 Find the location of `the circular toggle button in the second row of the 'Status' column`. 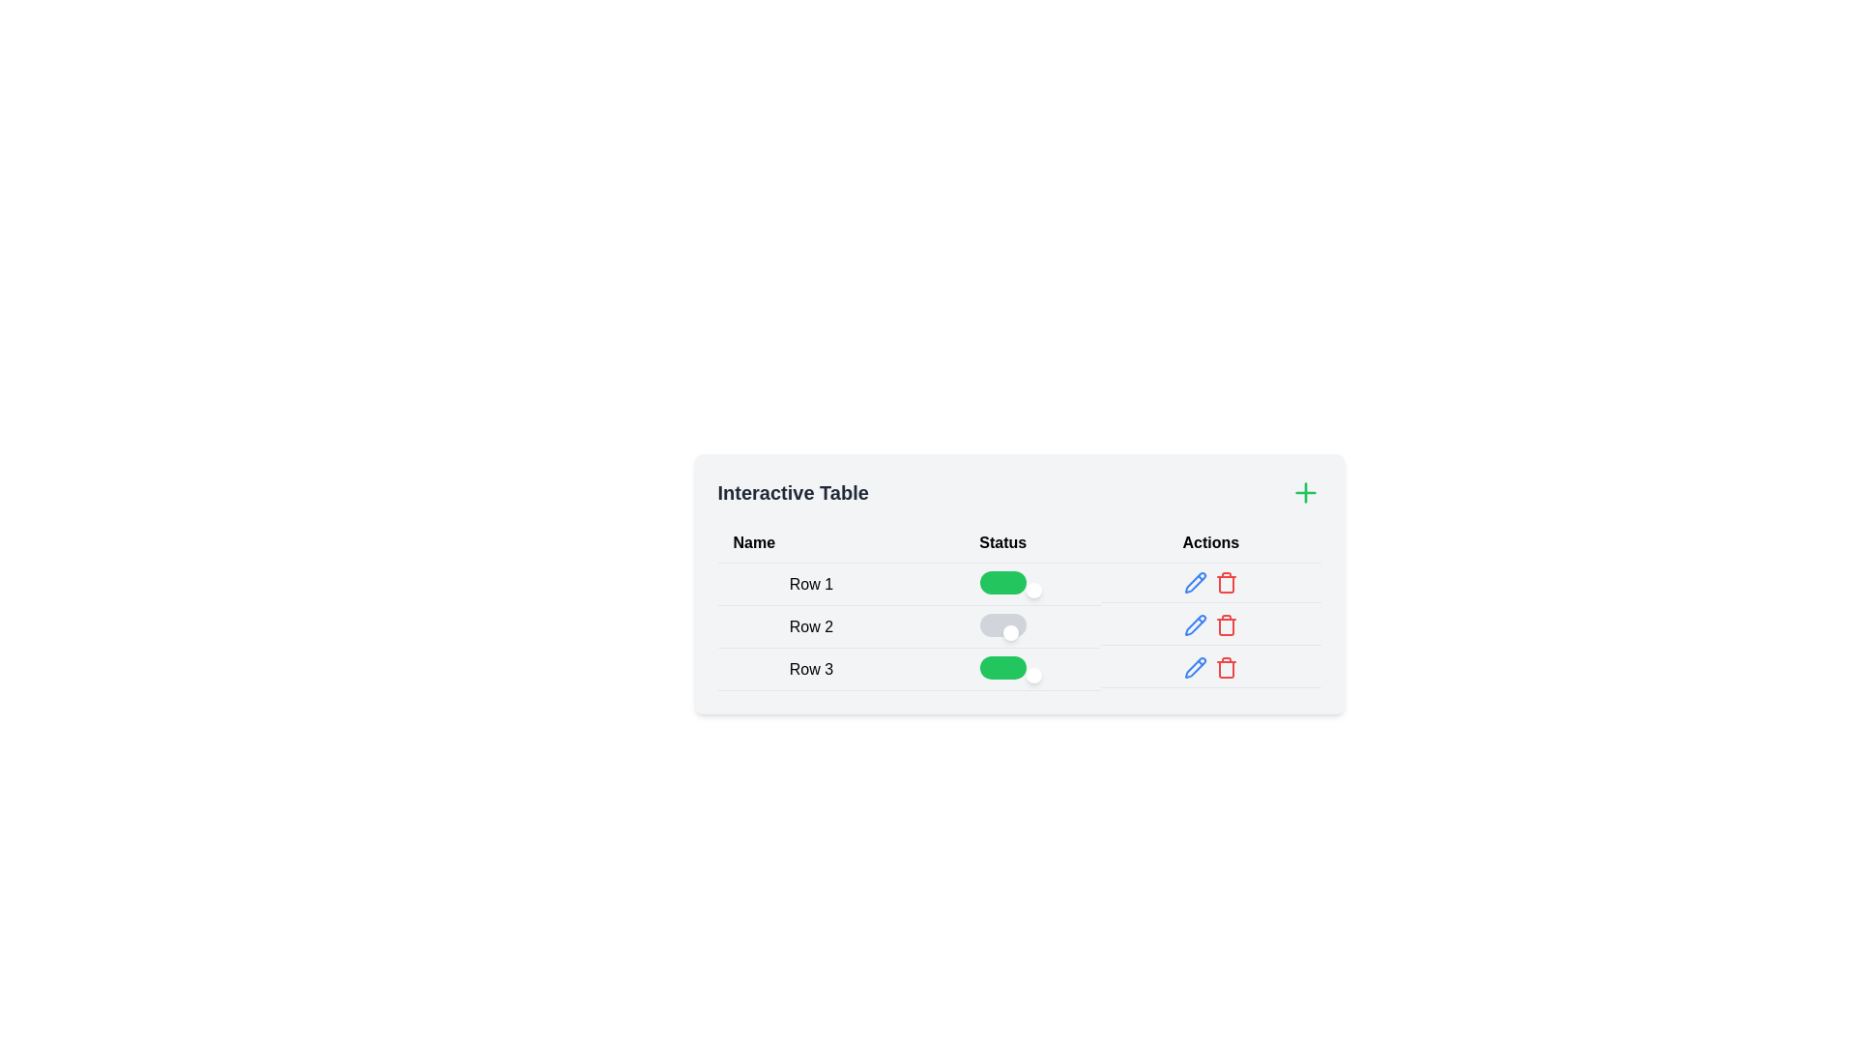

the circular toggle button in the second row of the 'Status' column is located at coordinates (1018, 626).